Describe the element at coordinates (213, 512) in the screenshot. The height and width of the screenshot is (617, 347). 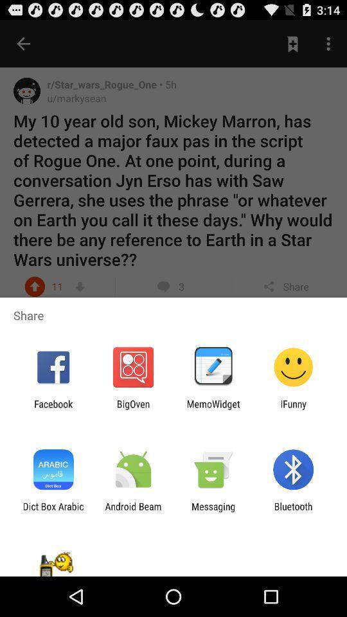
I see `the messaging icon` at that location.